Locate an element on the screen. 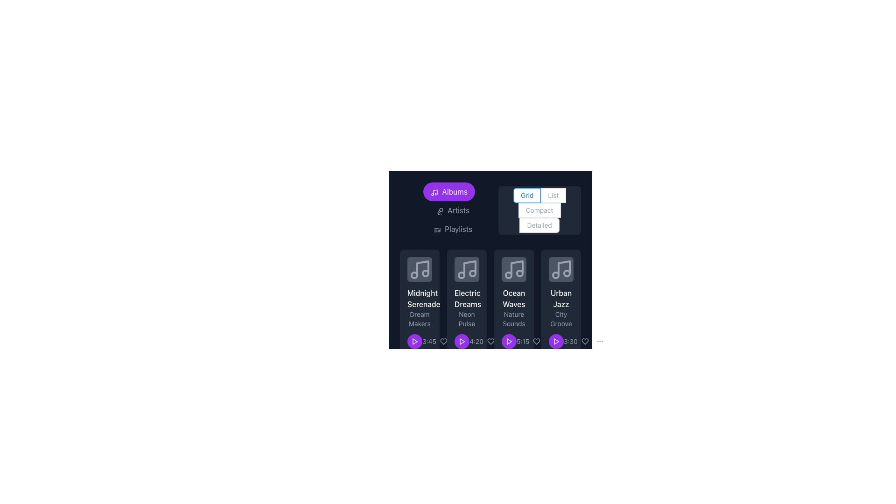  the 'Grid' radio button which is the first in a group of four options for view mode selection, located at the top-right section of the interface is located at coordinates (527, 195).